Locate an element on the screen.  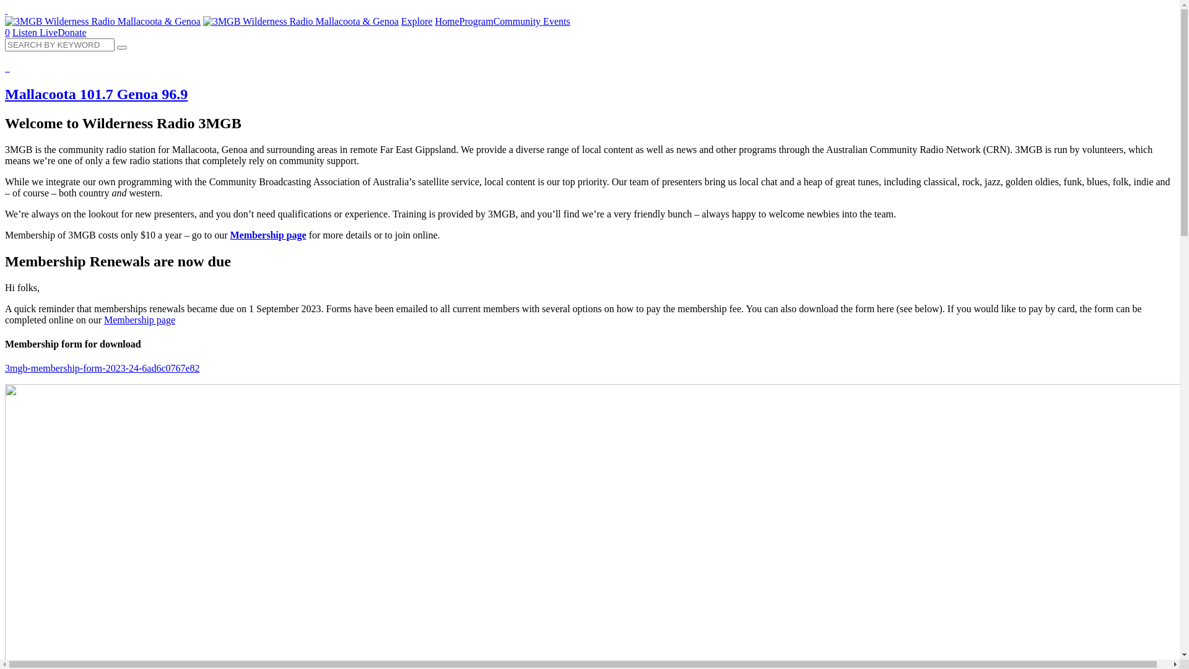
'   Mallacoota 101.7 Genoa 96.9' is located at coordinates (589, 82).